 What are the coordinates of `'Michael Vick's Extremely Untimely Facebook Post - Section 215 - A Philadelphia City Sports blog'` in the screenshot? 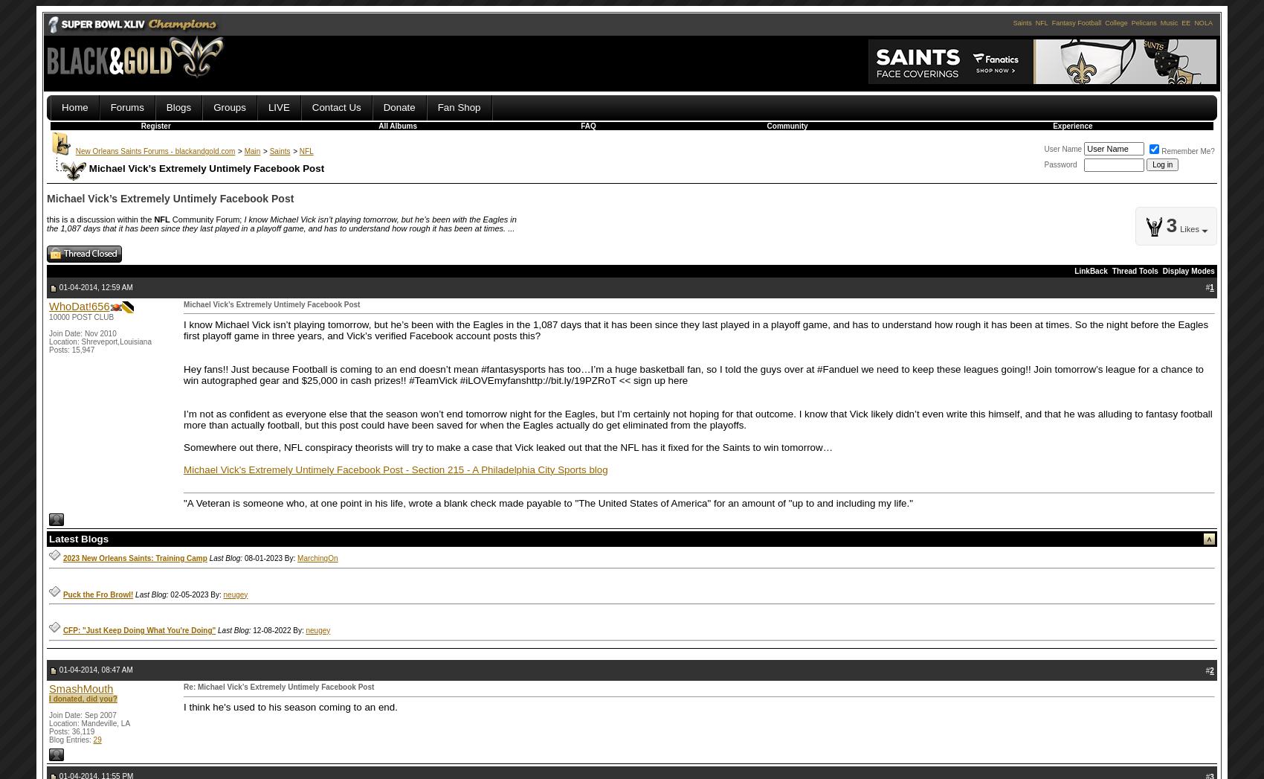 It's located at (184, 469).